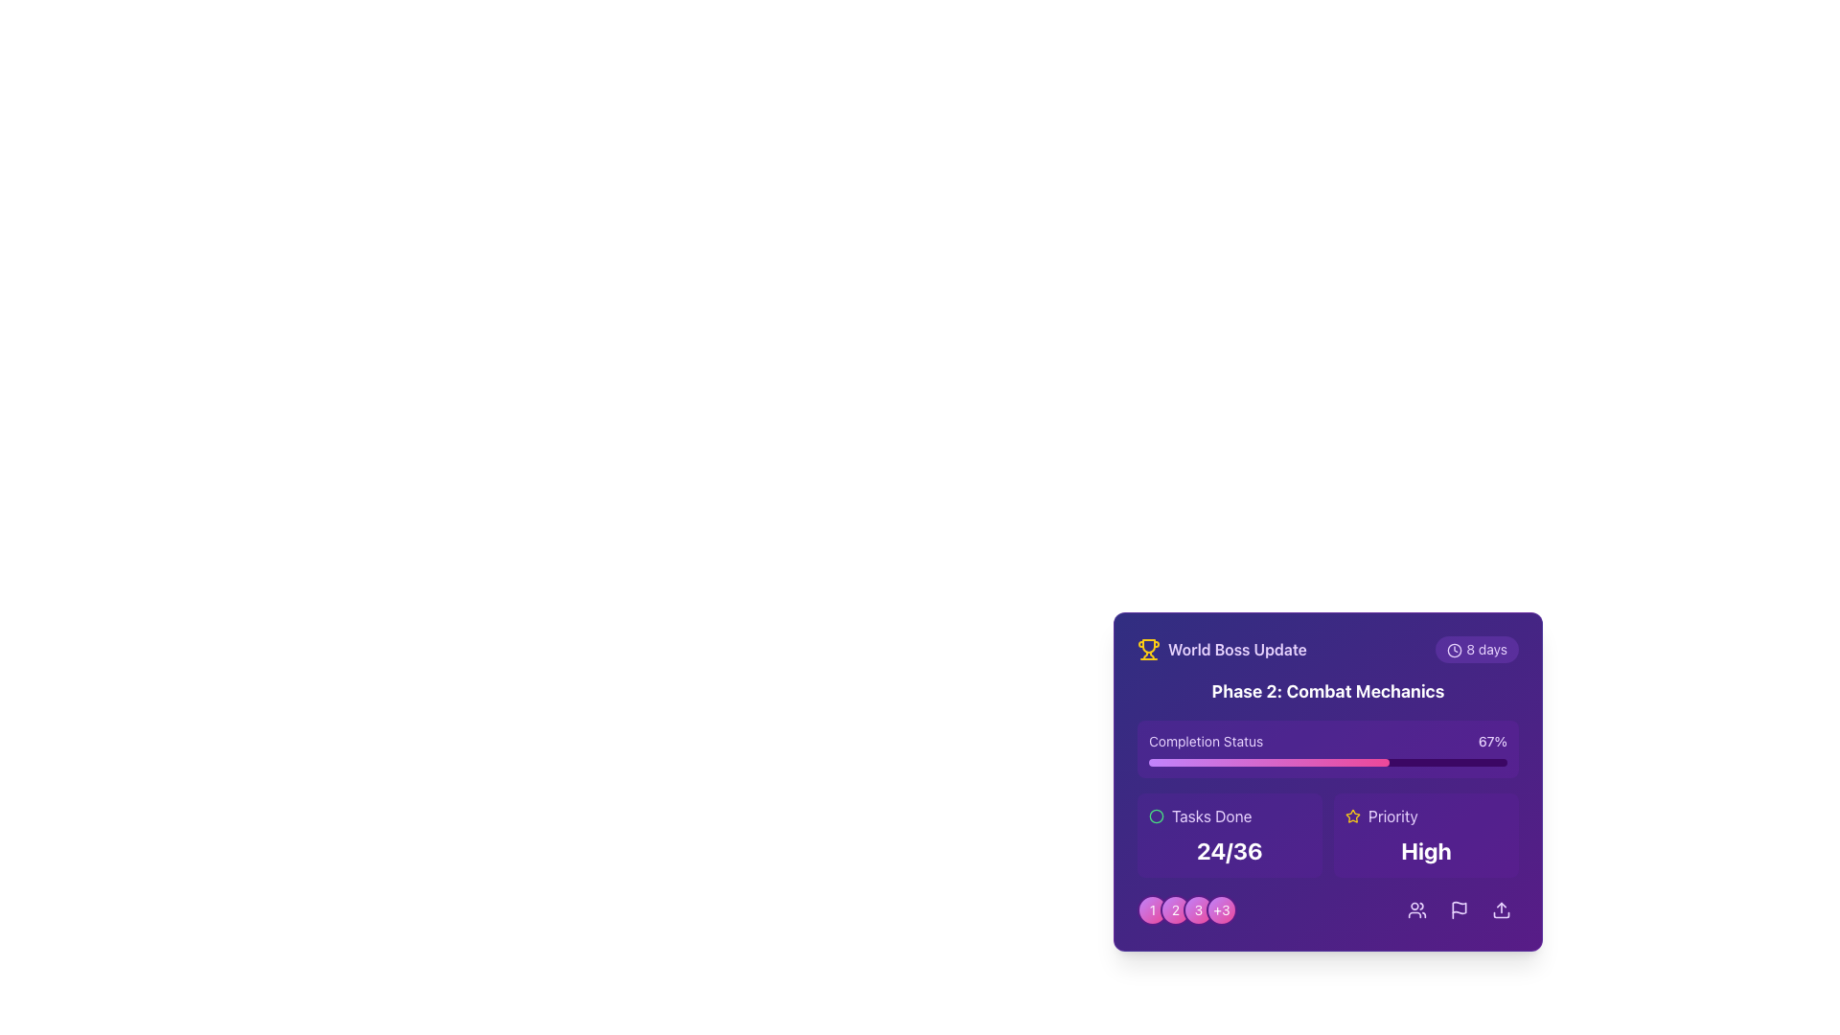 The image size is (1840, 1035). What do you see at coordinates (1455, 650) in the screenshot?
I see `the clock icon located in the top-right corner of the main card, which is positioned to the left of the text '8 days'` at bounding box center [1455, 650].